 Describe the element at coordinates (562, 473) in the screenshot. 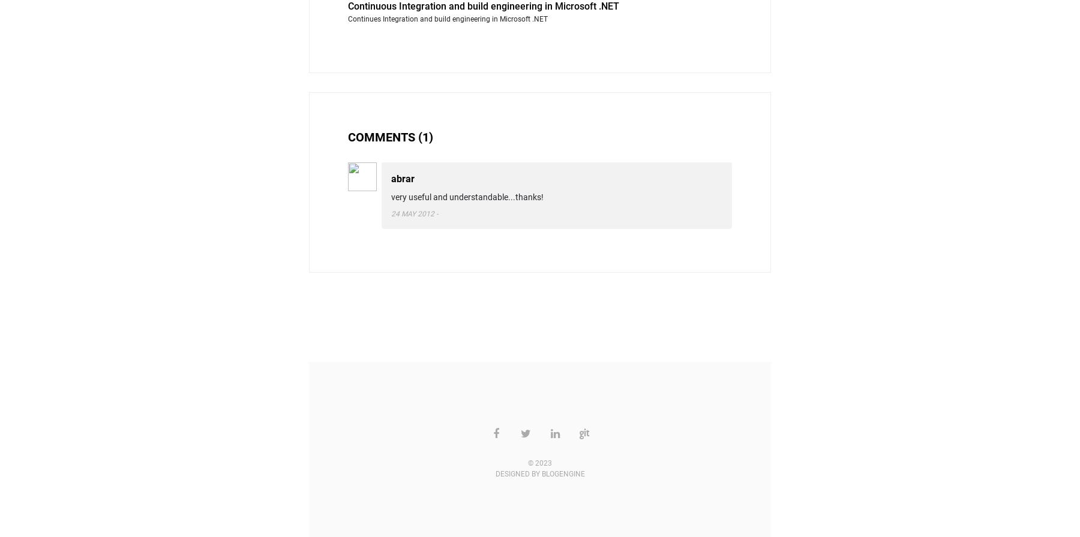

I see `'BlogEngine'` at that location.